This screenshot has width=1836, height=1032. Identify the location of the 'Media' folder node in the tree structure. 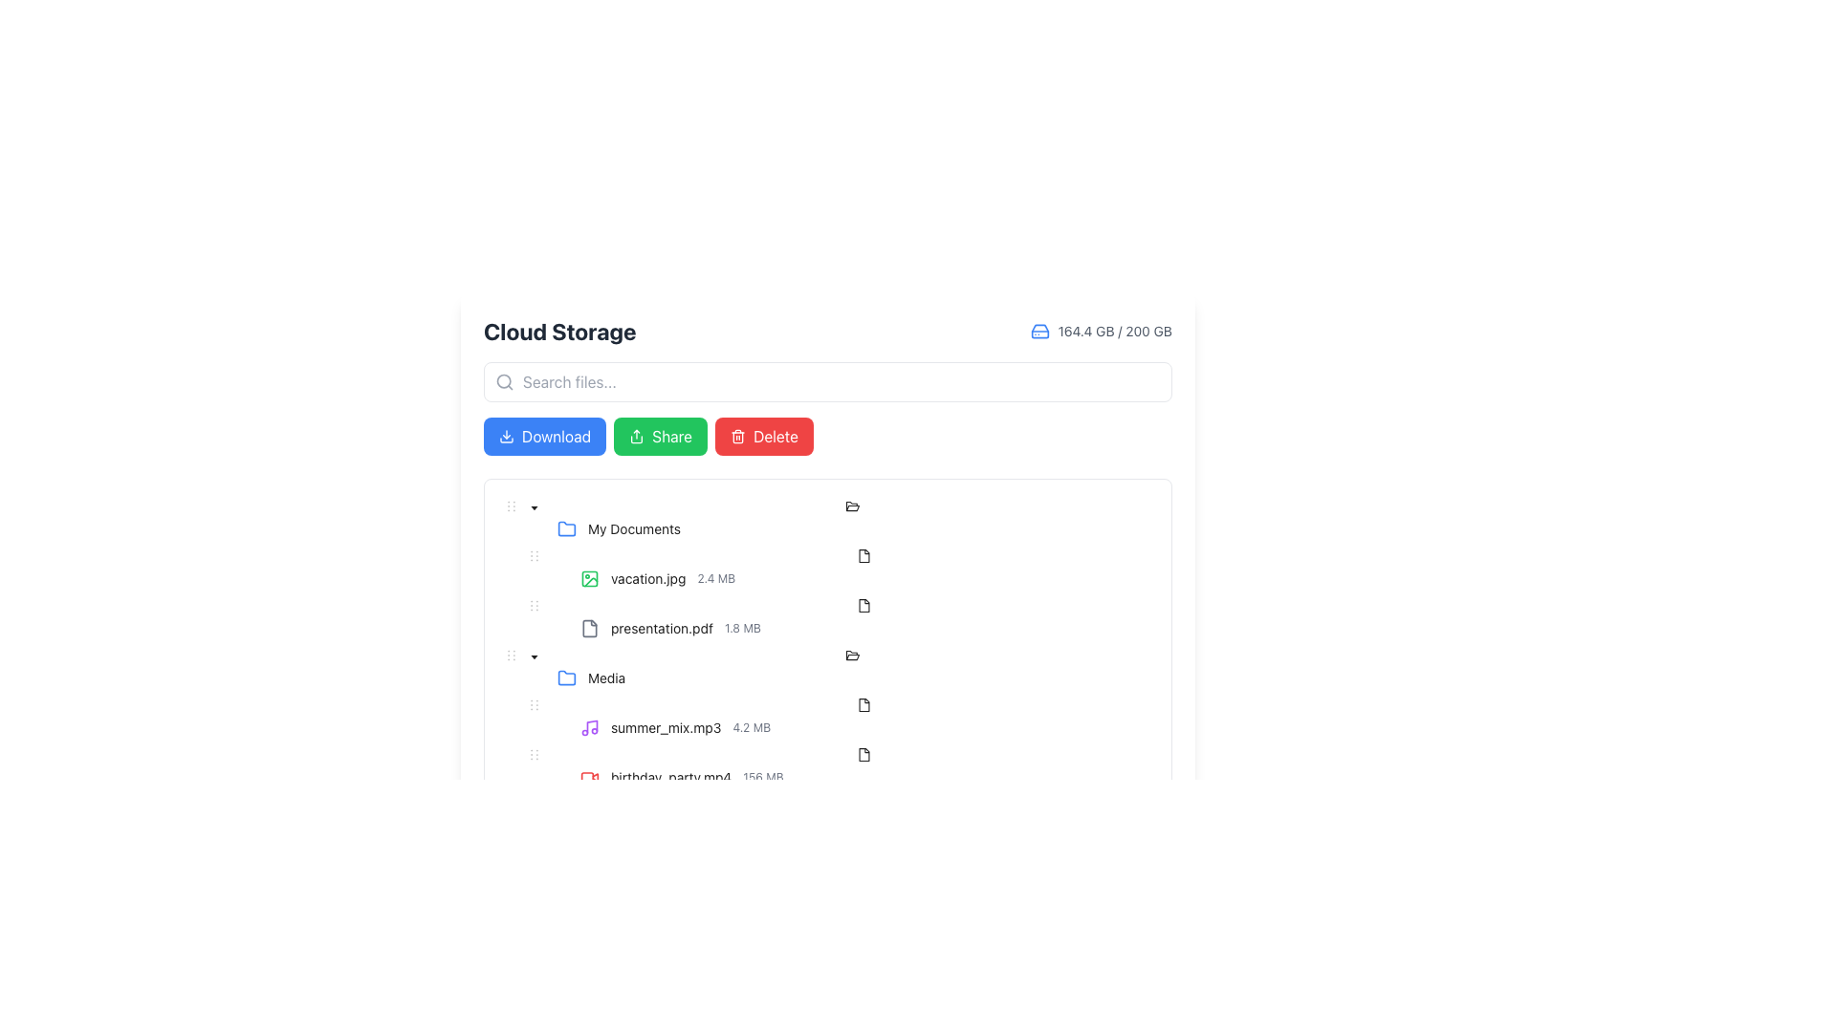
(852, 677).